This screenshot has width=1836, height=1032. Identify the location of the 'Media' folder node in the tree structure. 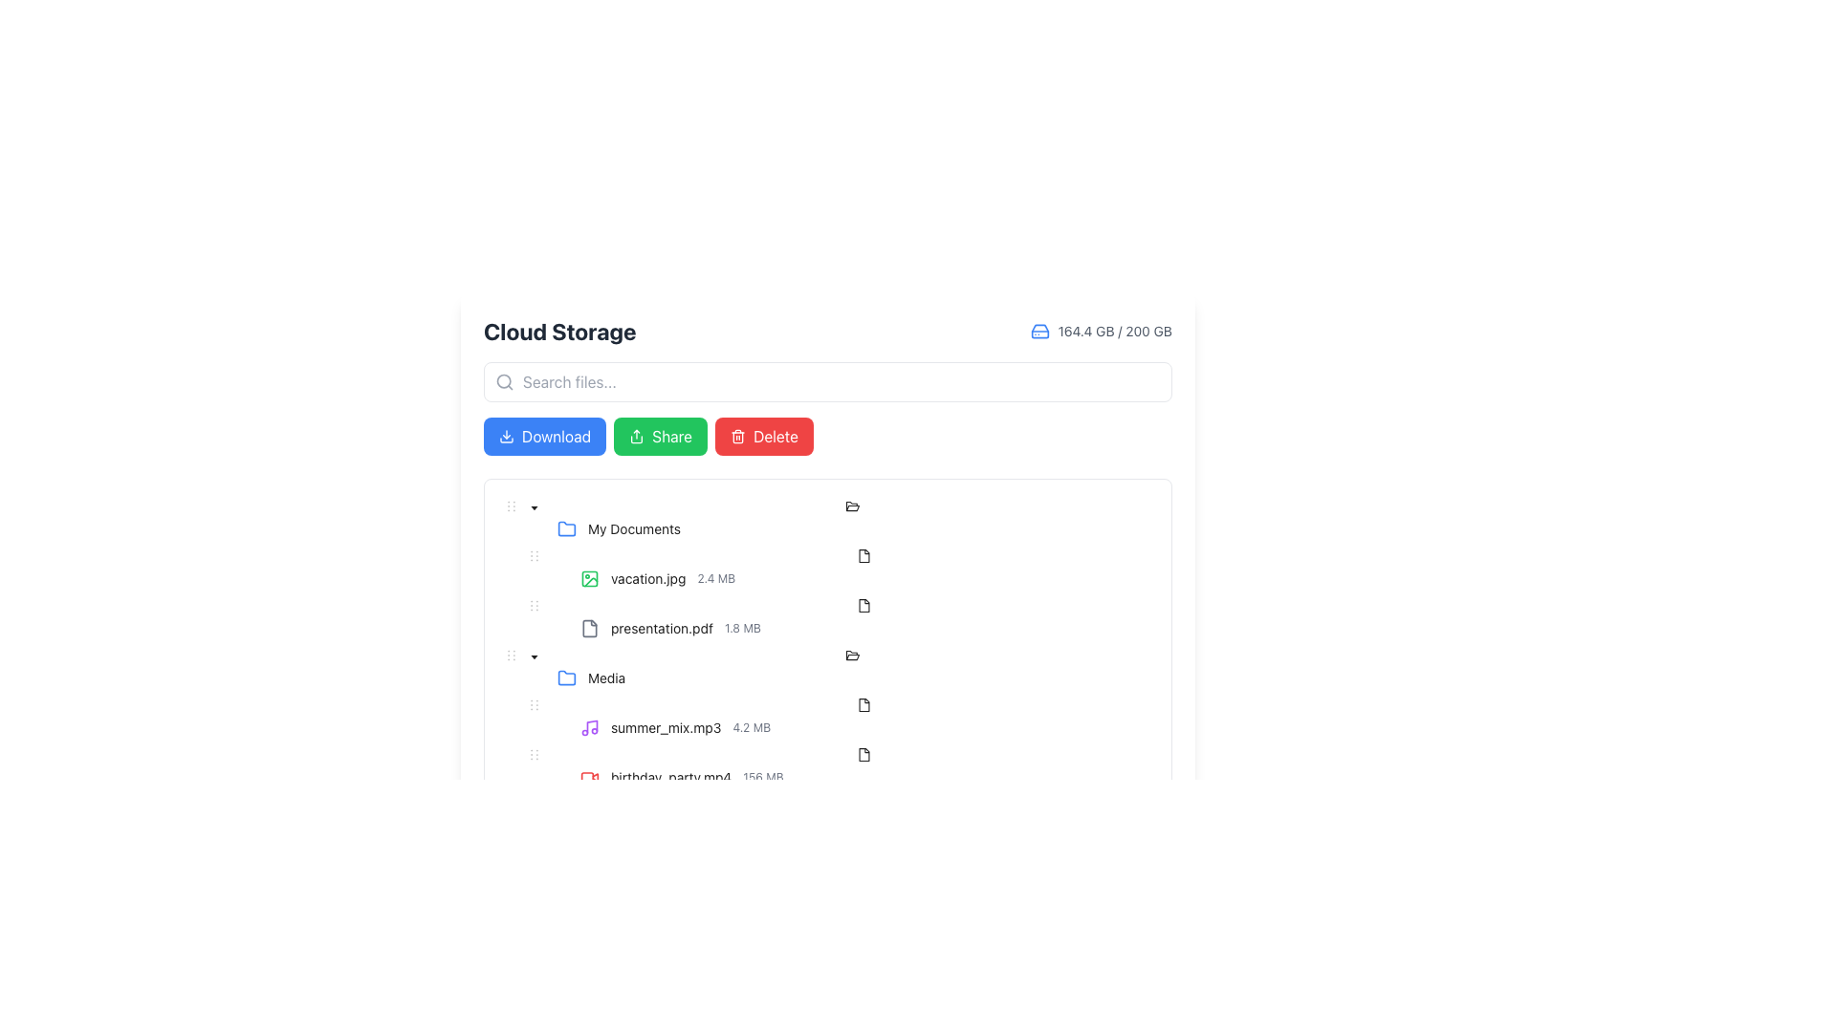
(852, 677).